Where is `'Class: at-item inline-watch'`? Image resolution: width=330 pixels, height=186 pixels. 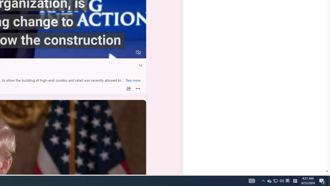 'Class: at-item inline-watch' is located at coordinates (138, 88).